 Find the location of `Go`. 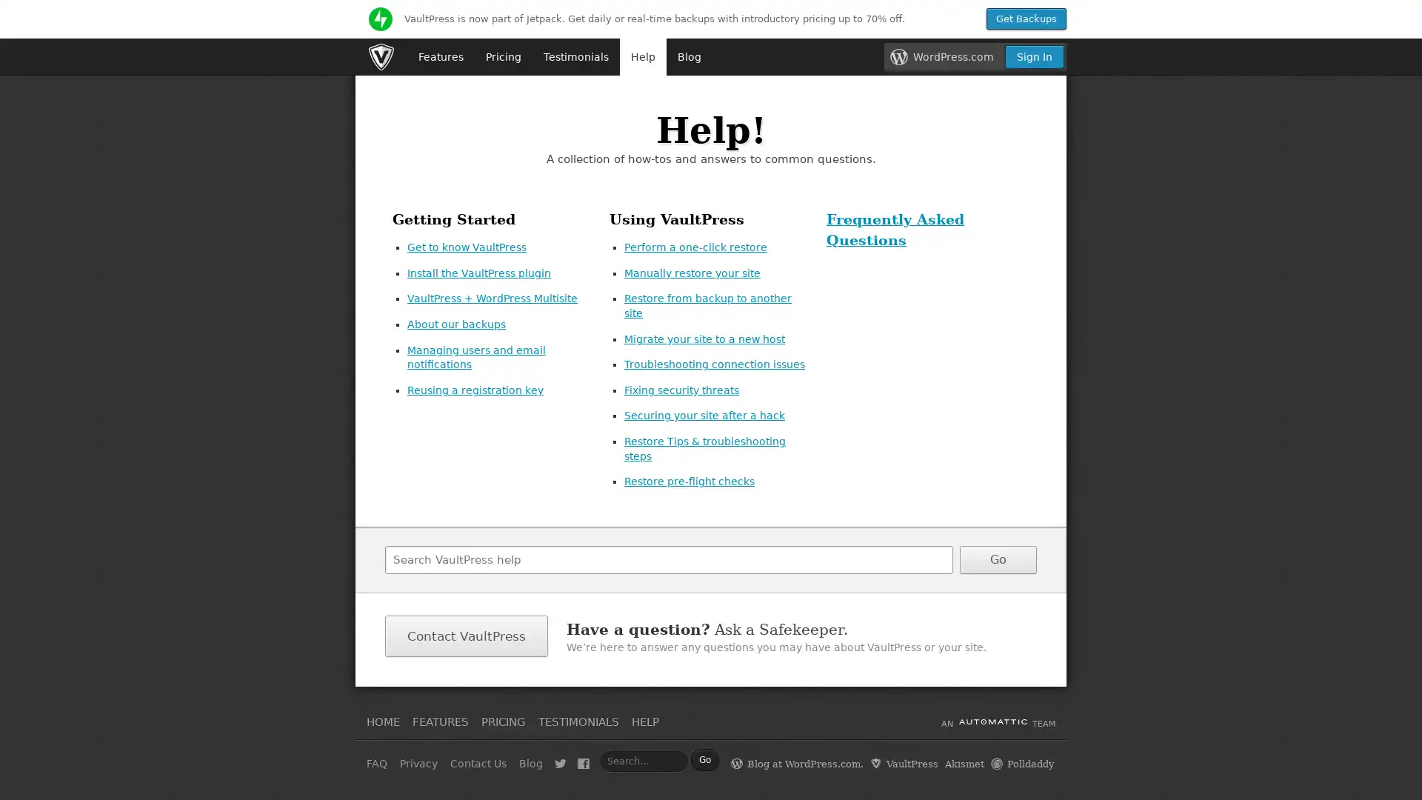

Go is located at coordinates (704, 759).